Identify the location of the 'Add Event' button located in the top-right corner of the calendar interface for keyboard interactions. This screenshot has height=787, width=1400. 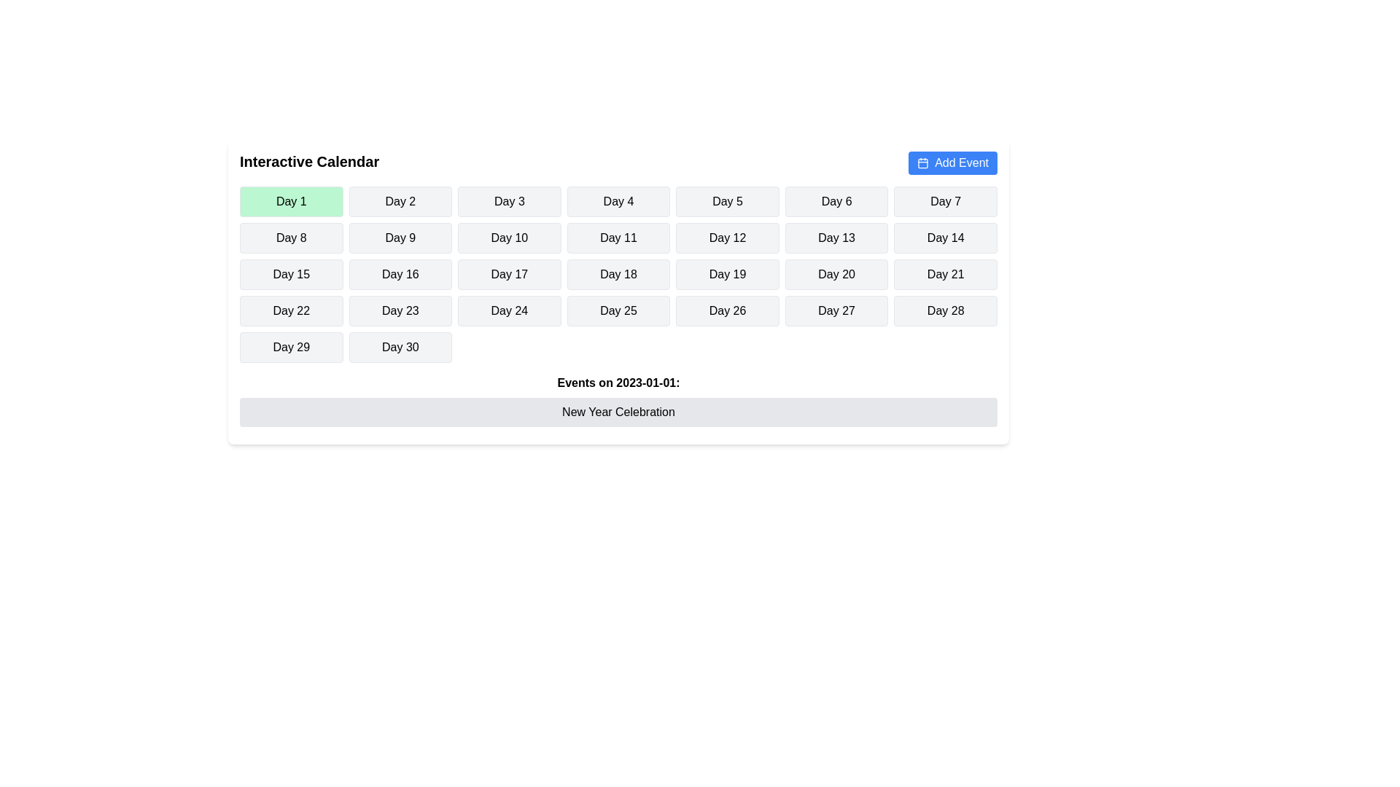
(953, 163).